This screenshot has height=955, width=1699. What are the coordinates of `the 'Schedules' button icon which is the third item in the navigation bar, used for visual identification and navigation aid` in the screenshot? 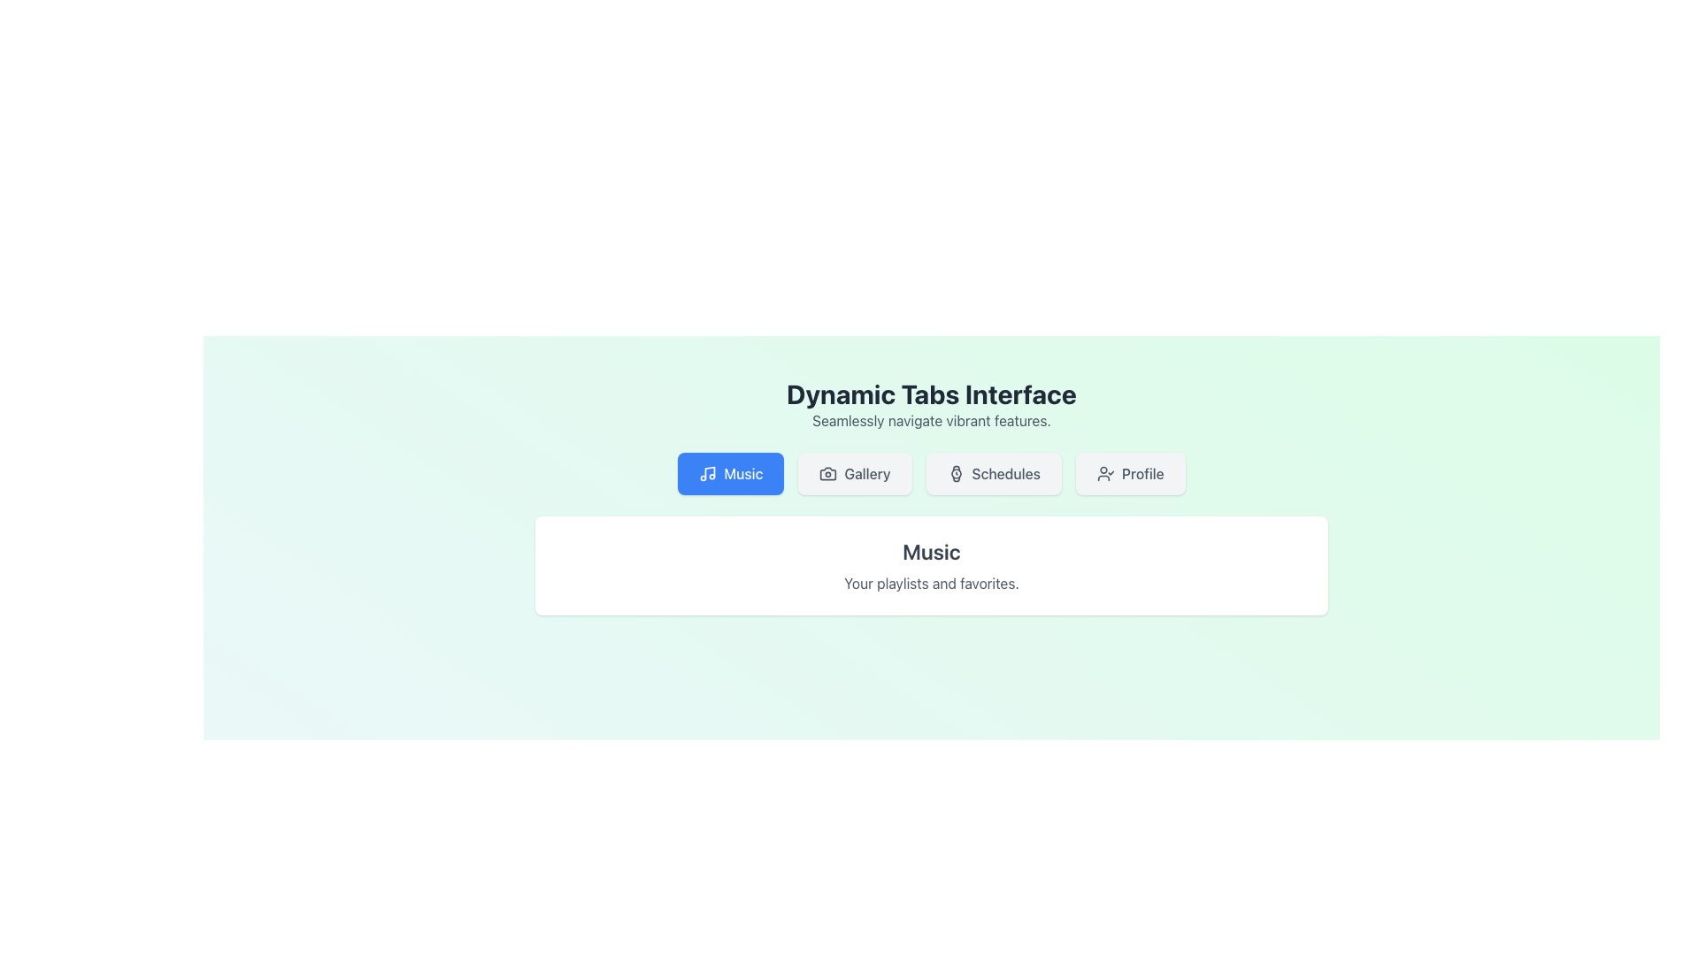 It's located at (955, 473).